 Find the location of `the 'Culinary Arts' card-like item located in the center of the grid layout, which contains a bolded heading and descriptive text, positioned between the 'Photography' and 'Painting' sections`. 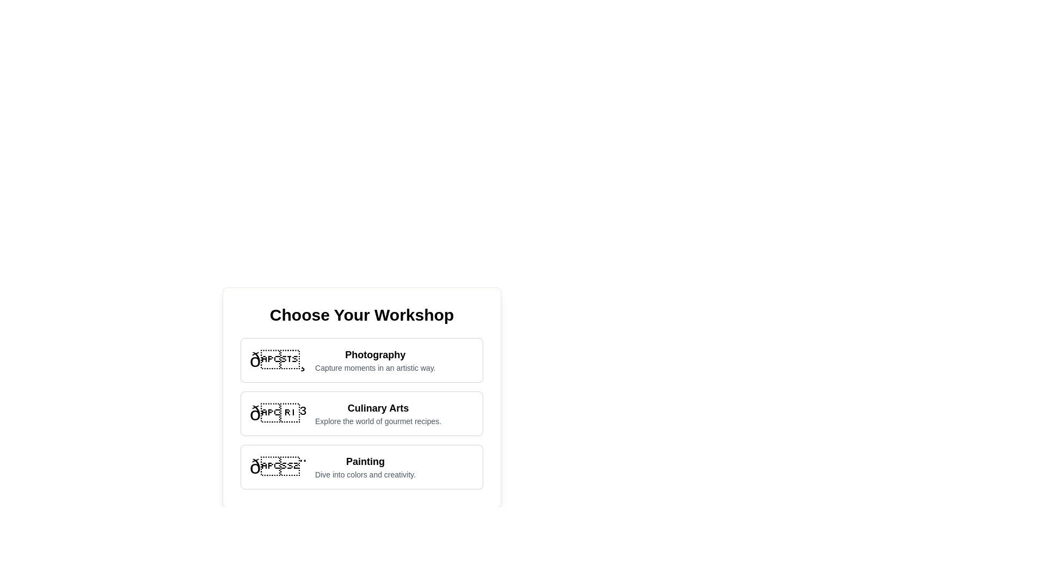

the 'Culinary Arts' card-like item located in the center of the grid layout, which contains a bolded heading and descriptive text, positioned between the 'Photography' and 'Painting' sections is located at coordinates (362, 413).